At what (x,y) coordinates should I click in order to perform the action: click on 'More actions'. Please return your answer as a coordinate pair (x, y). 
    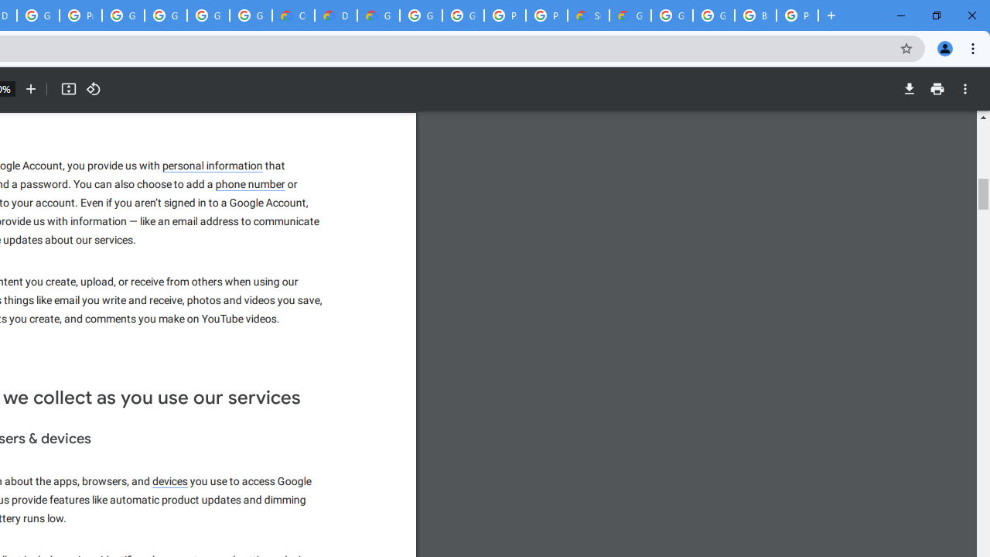
    Looking at the image, I should click on (964, 89).